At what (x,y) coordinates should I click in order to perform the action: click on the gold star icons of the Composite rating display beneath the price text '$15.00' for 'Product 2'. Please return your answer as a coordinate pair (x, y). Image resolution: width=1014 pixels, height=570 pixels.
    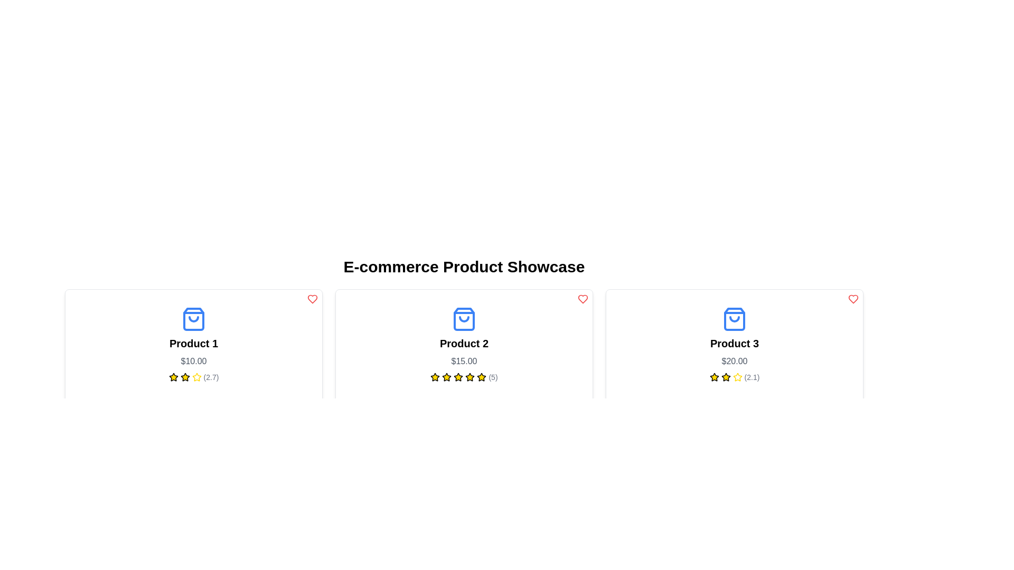
    Looking at the image, I should click on (464, 376).